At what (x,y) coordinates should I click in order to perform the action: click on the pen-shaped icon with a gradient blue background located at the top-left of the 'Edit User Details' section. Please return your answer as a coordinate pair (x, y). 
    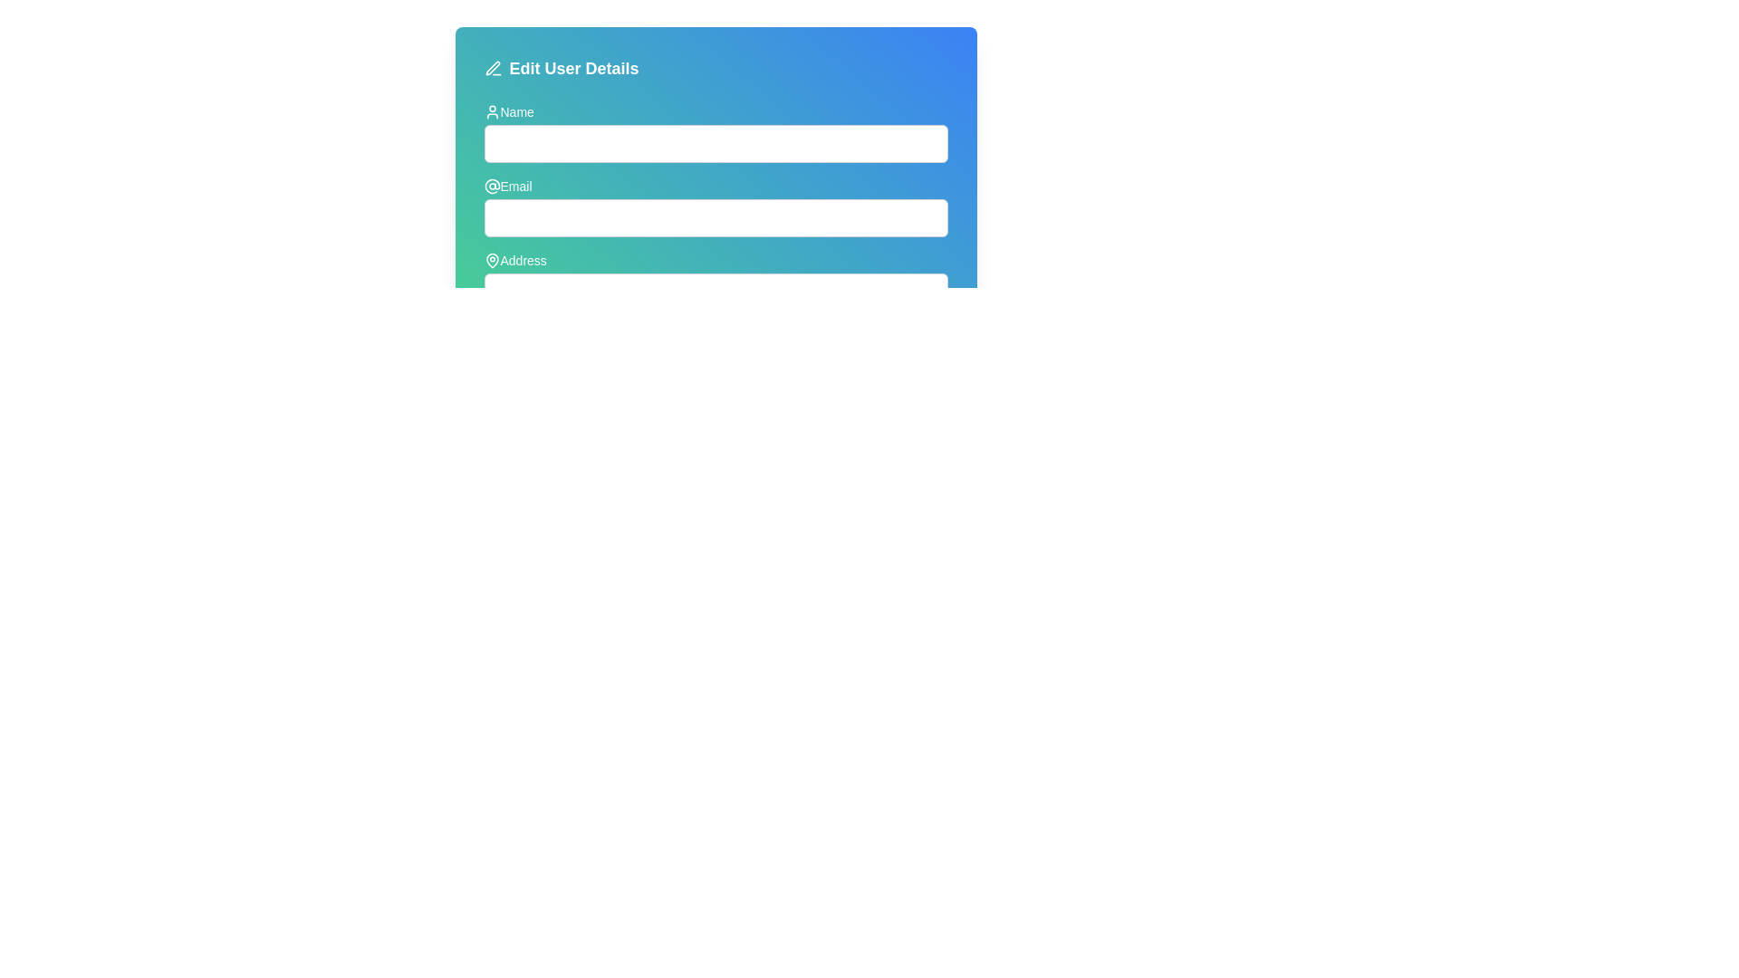
    Looking at the image, I should click on (493, 68).